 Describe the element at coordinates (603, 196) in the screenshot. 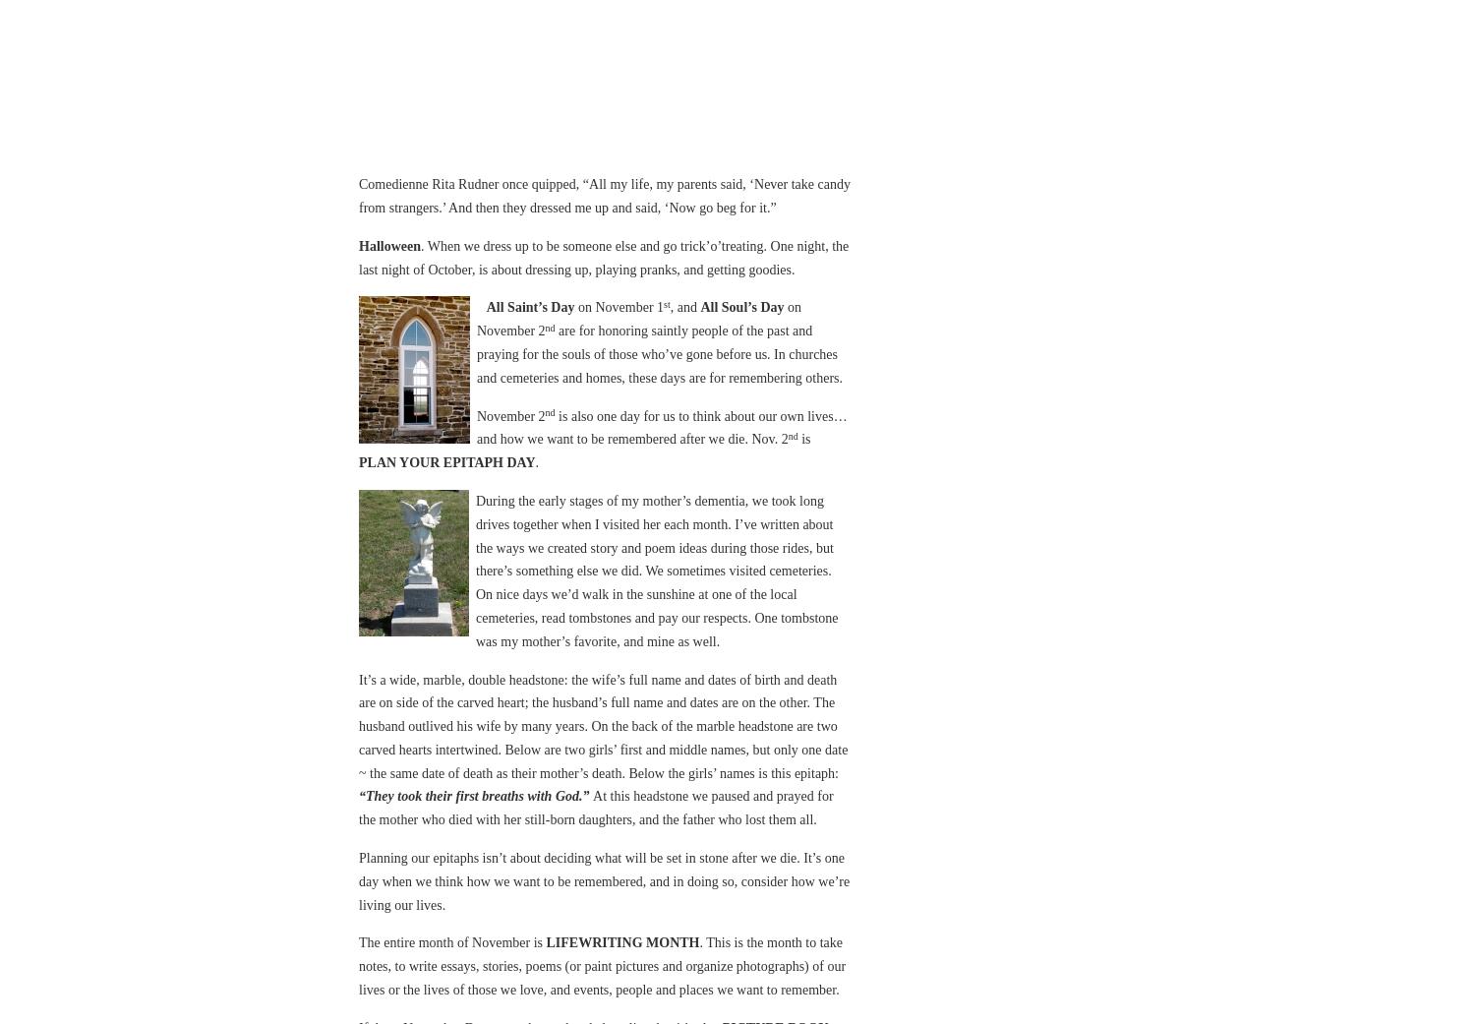

I see `'Comedienne Rita Rudner once quipped, “All my life, my parents said, ‘Never take candy from strangers.’ And then they dressed me up and said, ‘Now go beg for it.”'` at that location.